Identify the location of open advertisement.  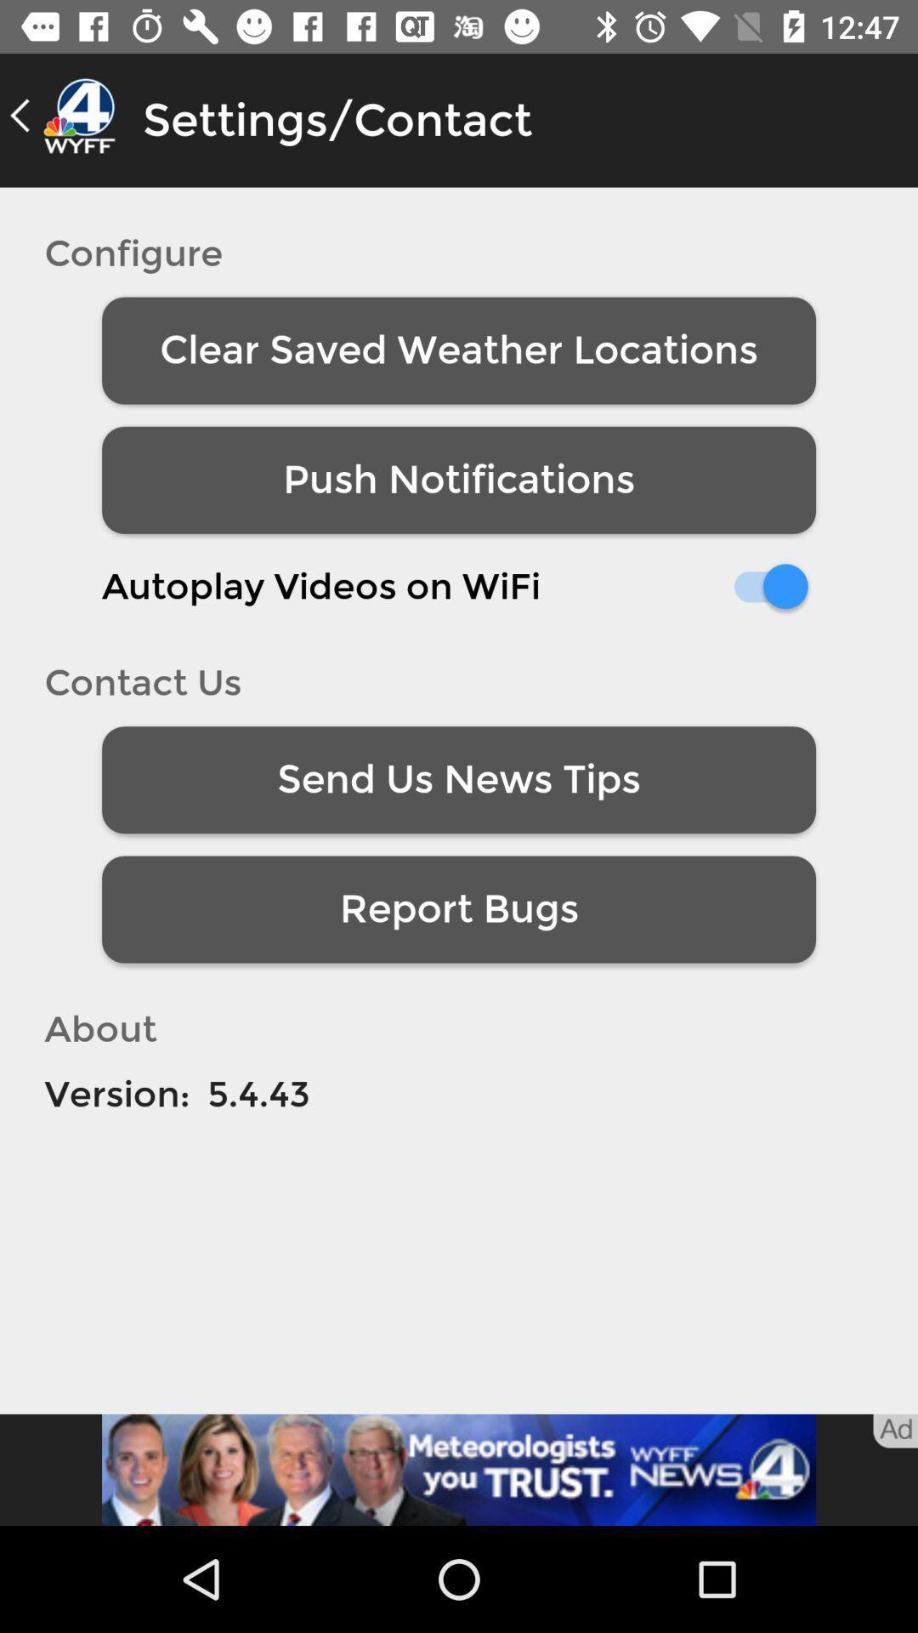
(459, 1469).